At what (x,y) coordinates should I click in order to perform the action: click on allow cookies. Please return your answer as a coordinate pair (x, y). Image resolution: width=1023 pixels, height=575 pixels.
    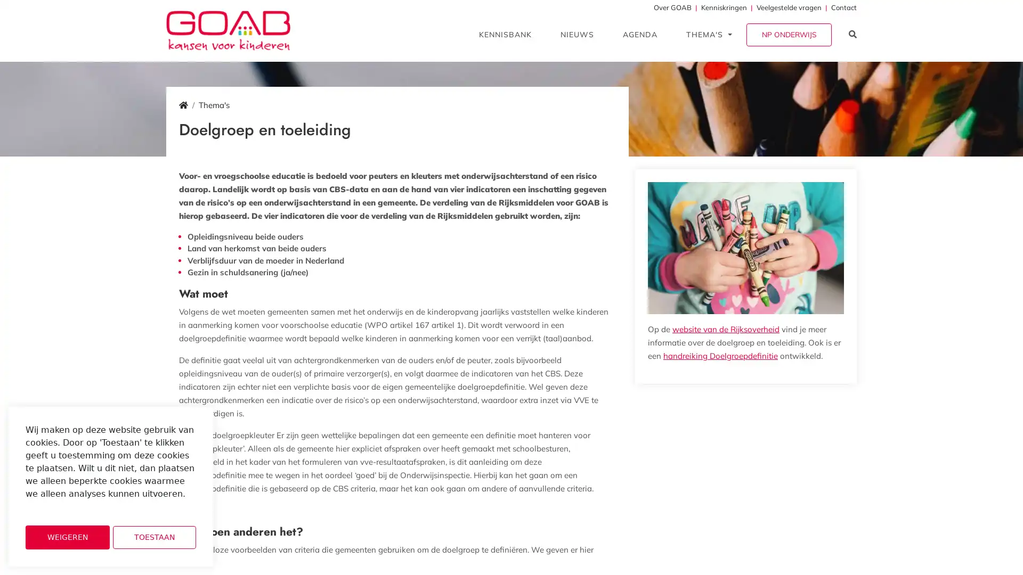
    Looking at the image, I should click on (153, 537).